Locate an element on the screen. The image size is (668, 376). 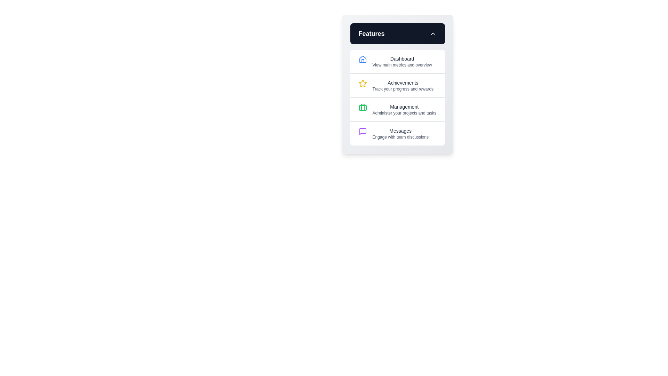
the 'Achievements' text label in the sidebar, which is the second item in the list, positioned between 'Dashboard' and 'Management' is located at coordinates (403, 83).